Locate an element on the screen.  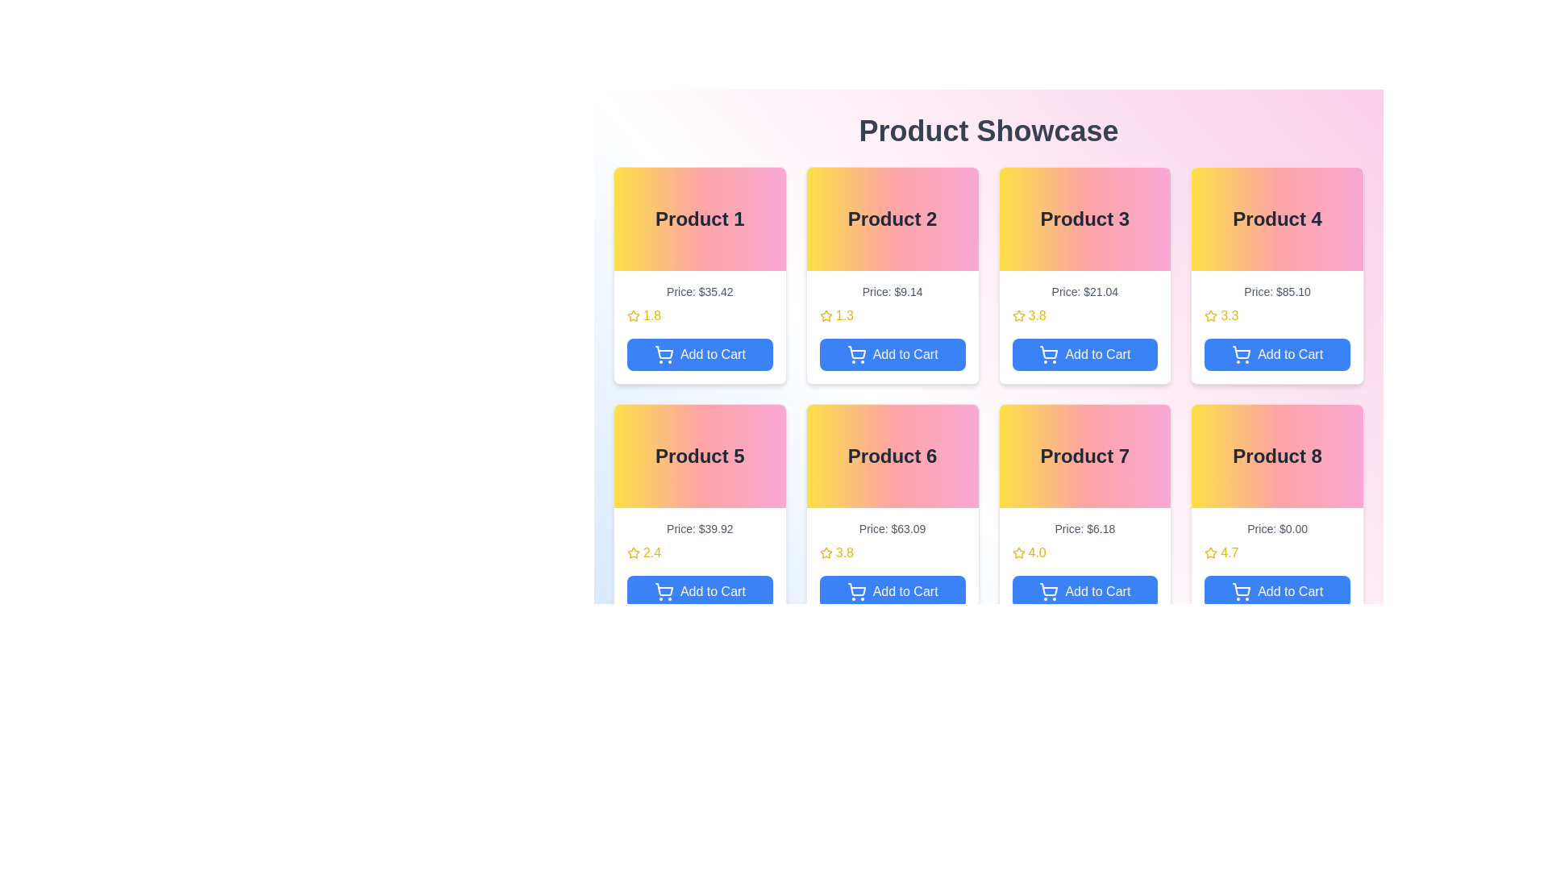
the text display showing 'Price: $63.09' located in the second row, third column of the product grid beneath 'Product 6' is located at coordinates (892, 528).